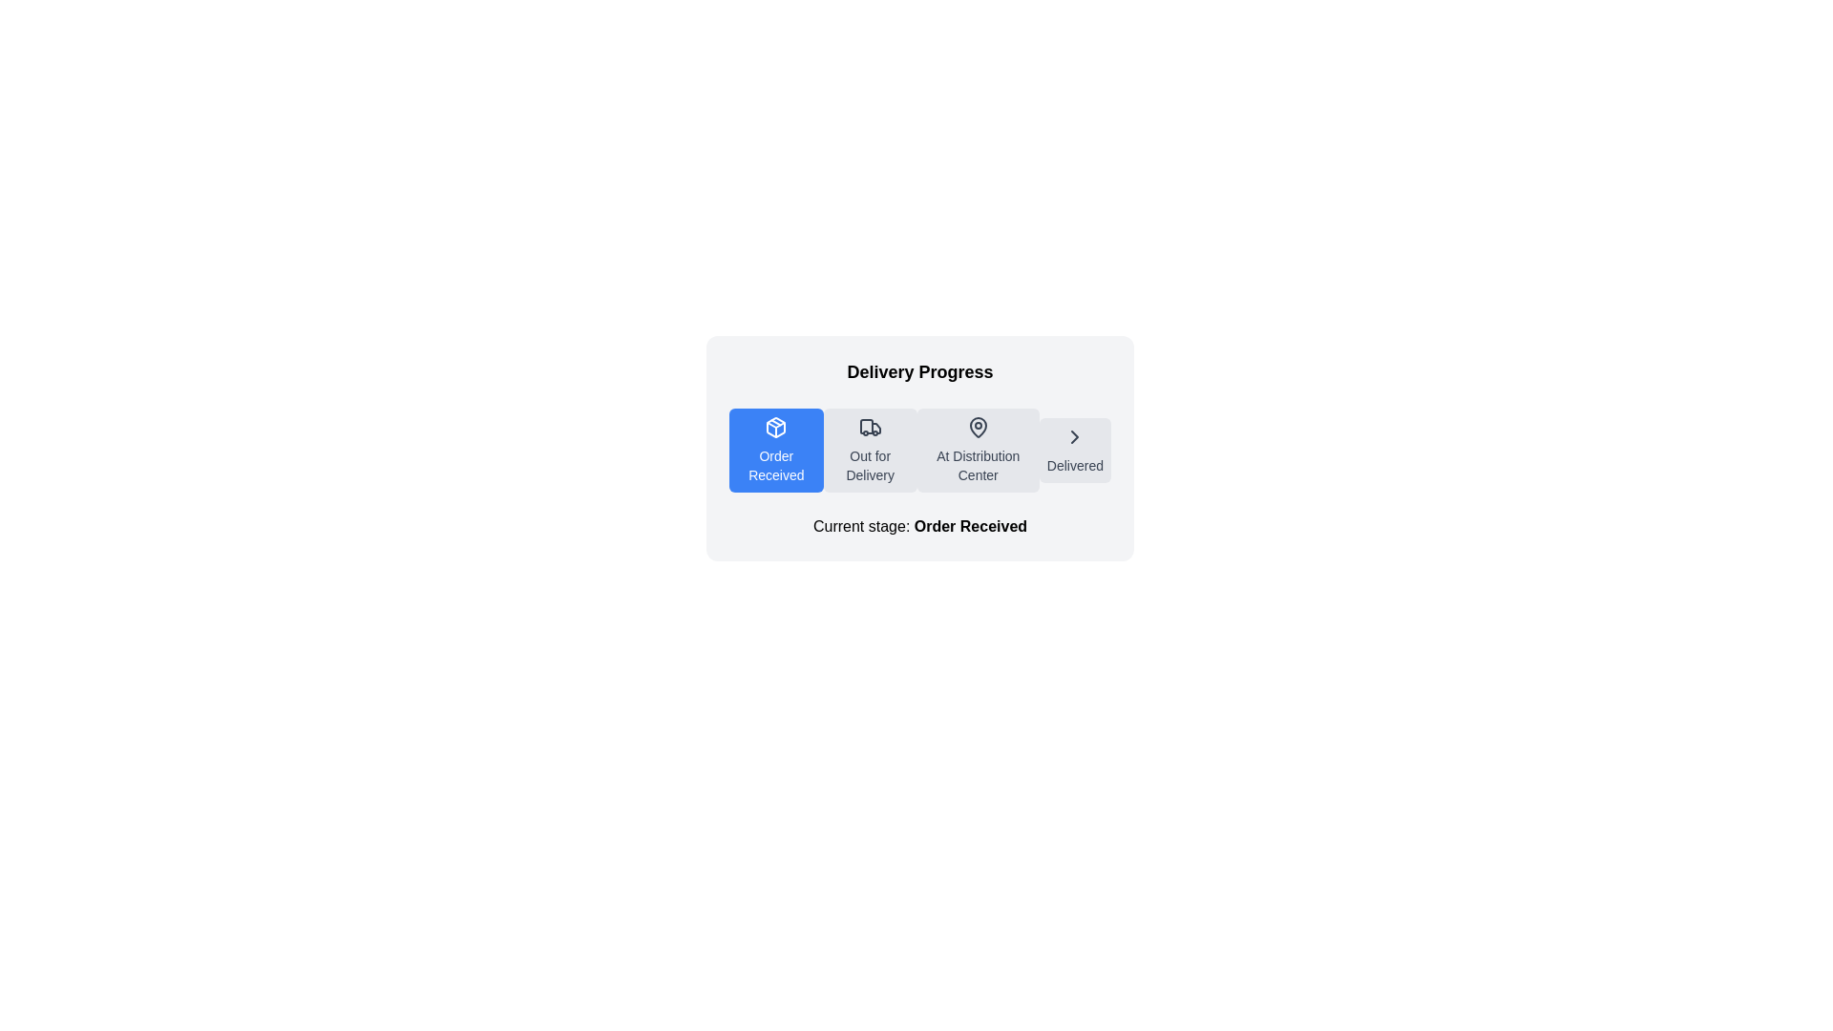 The image size is (1833, 1031). What do you see at coordinates (1075, 450) in the screenshot?
I see `the 'Delivered' button with a light gray background and dark gray text, which is the last item in the horizontally aligned progress tracker` at bounding box center [1075, 450].